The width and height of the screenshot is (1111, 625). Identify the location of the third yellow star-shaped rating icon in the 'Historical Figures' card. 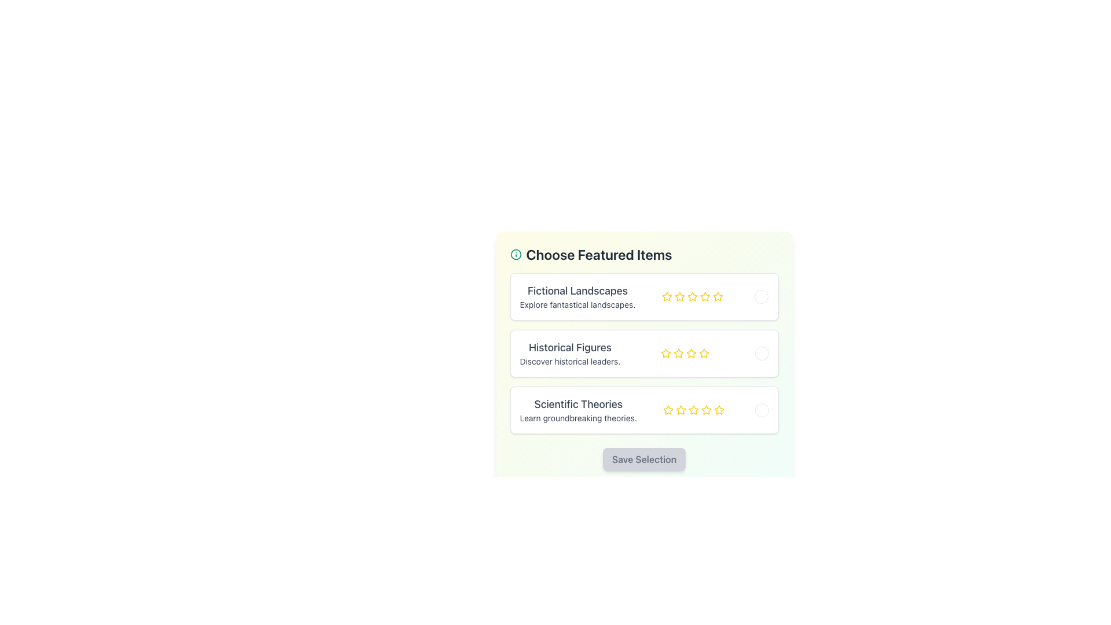
(679, 352).